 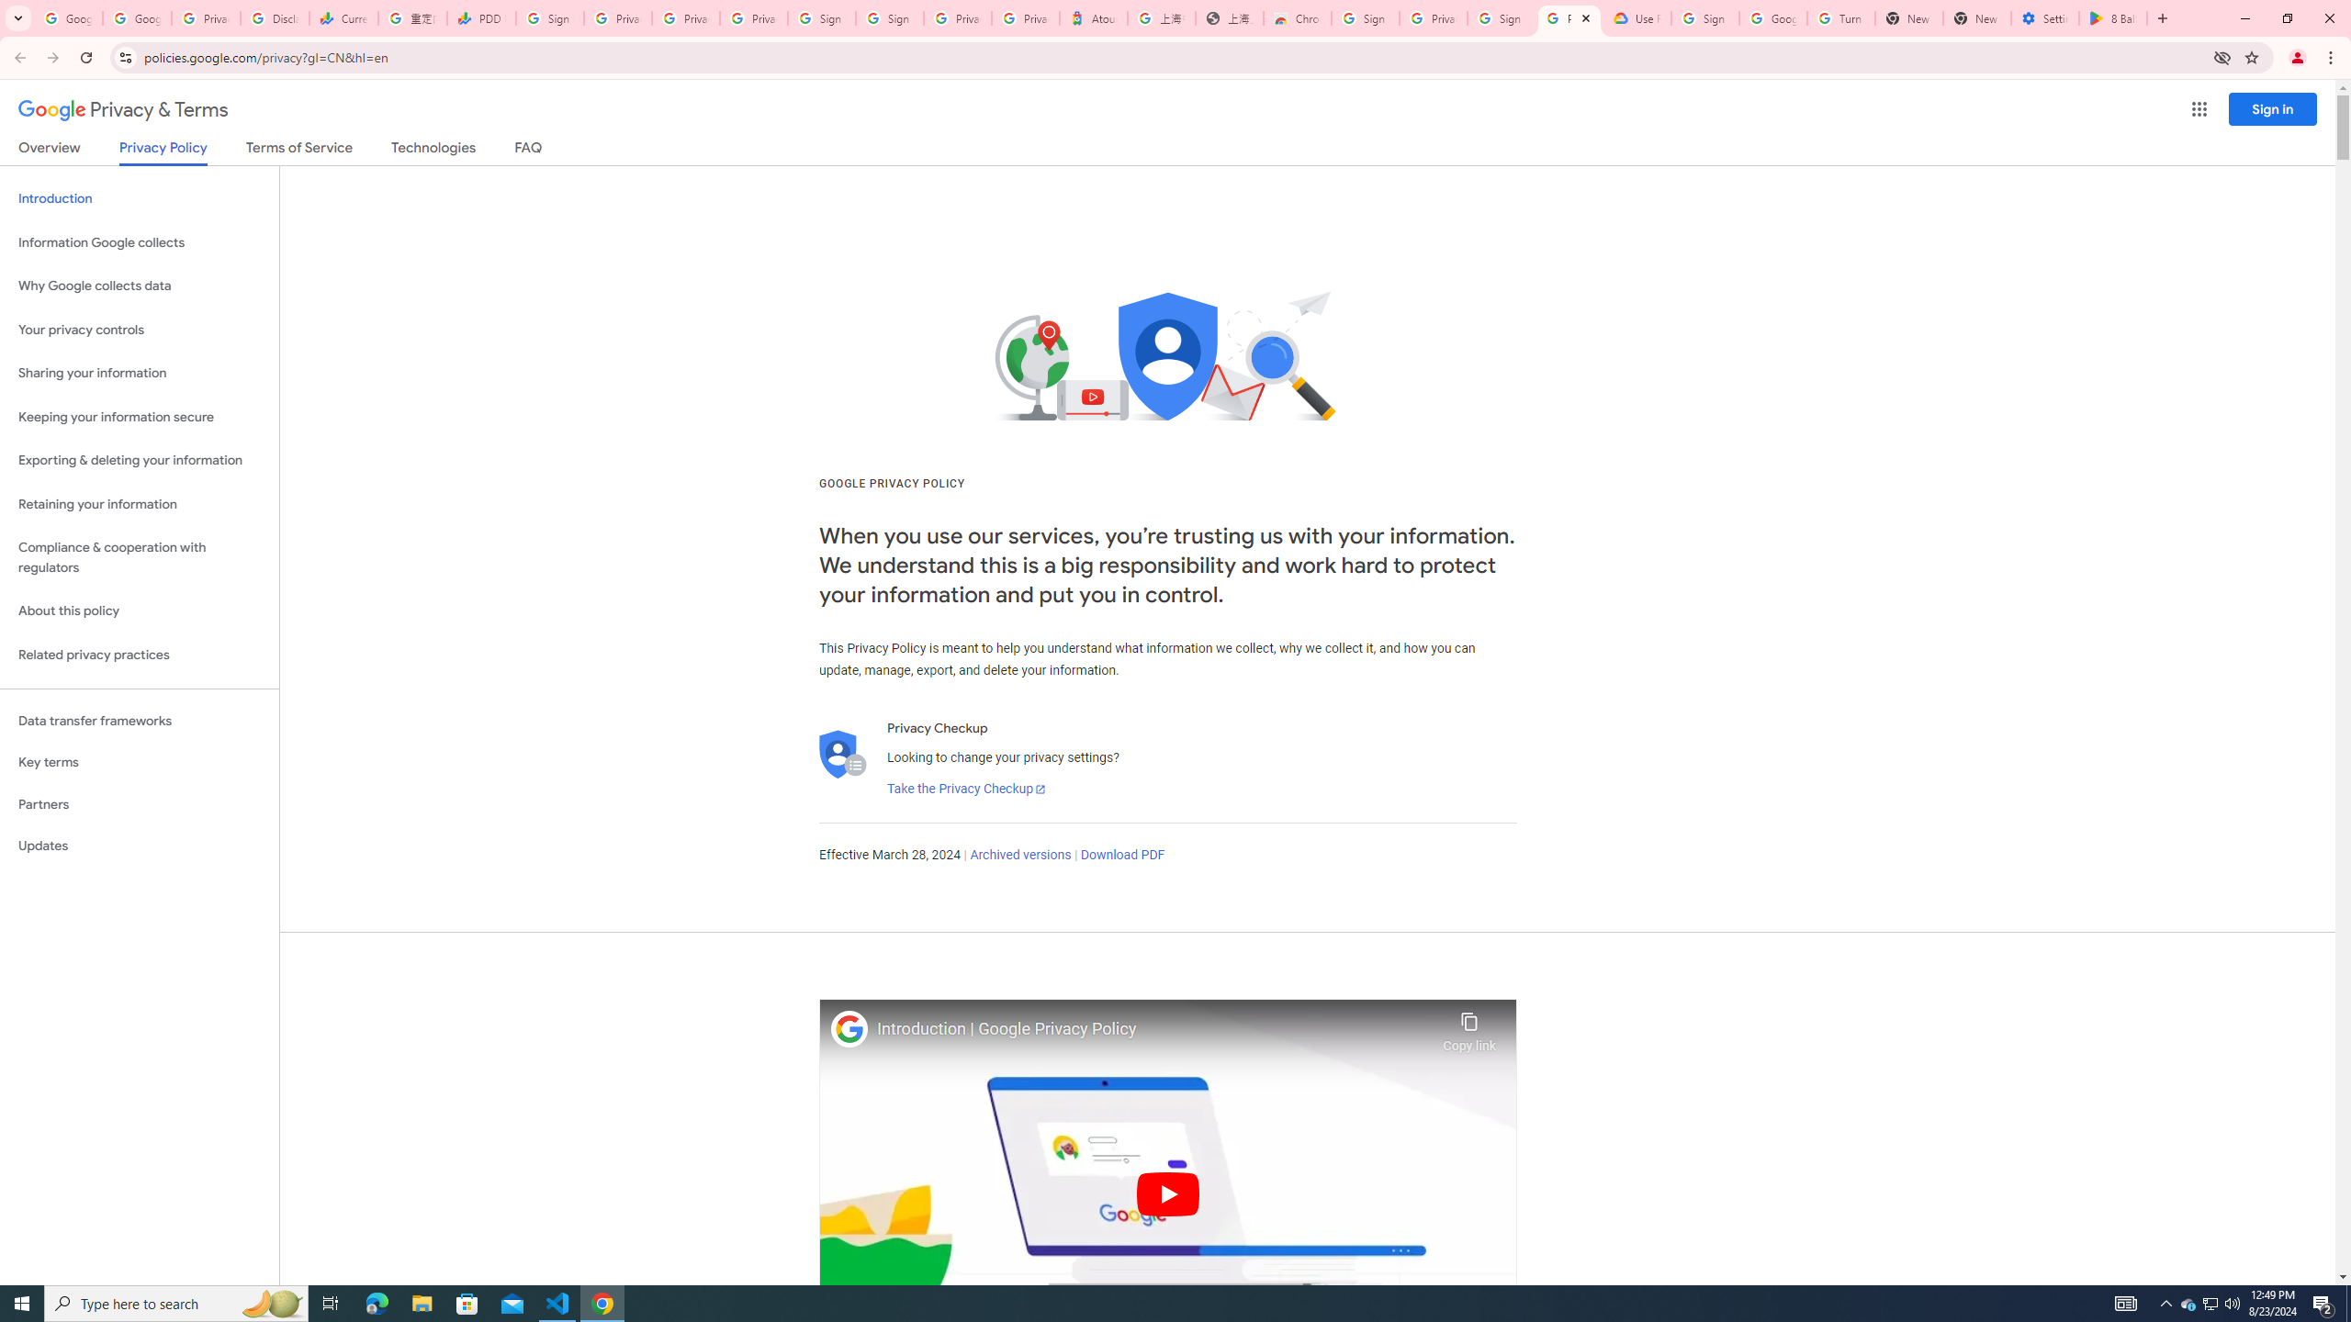 I want to click on 'Photo image of Google', so click(x=849, y=1027).